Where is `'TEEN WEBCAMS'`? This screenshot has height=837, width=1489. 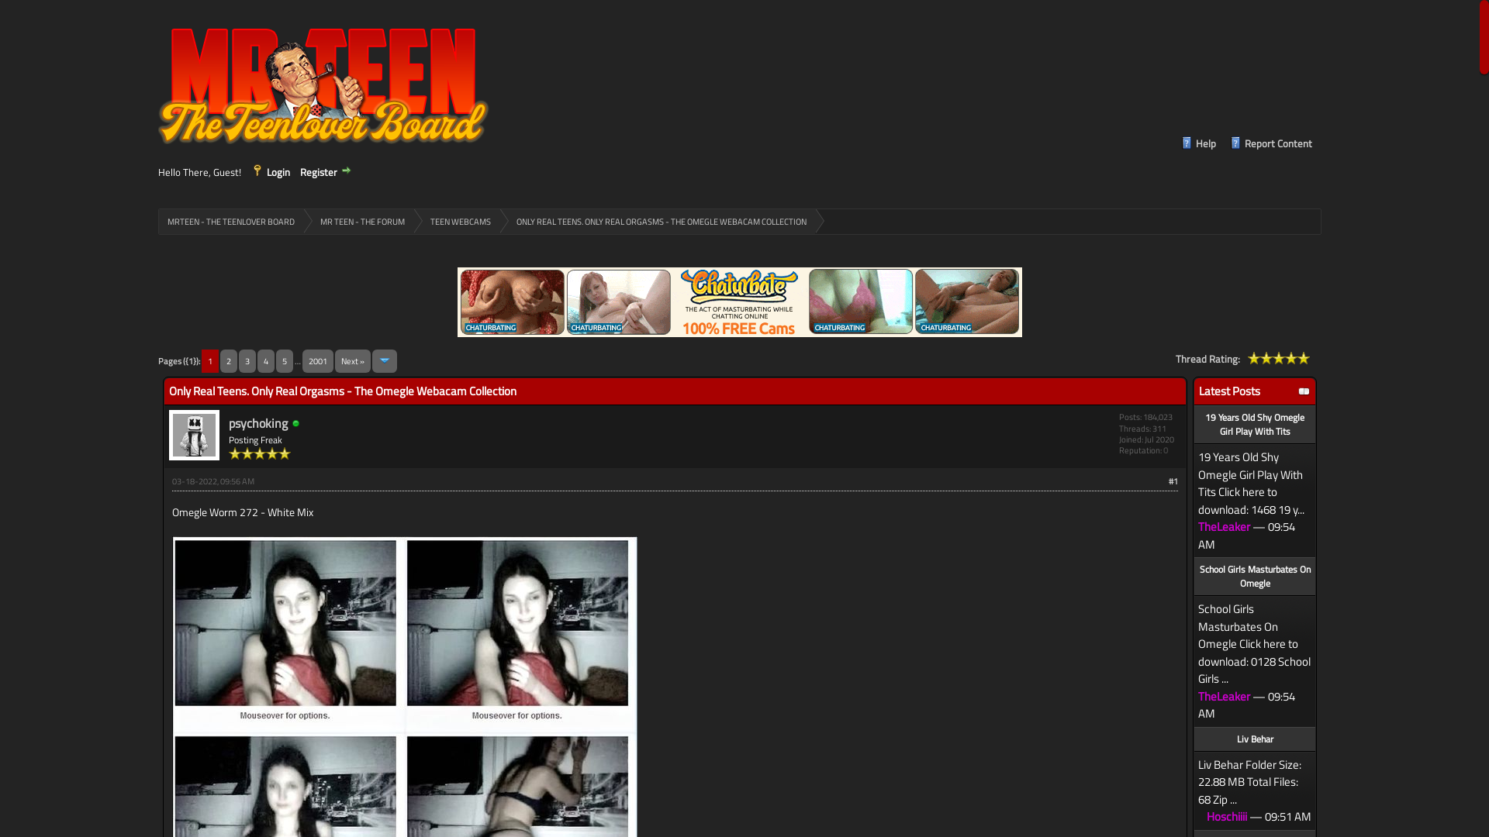
'TEEN WEBCAMS' is located at coordinates (413, 221).